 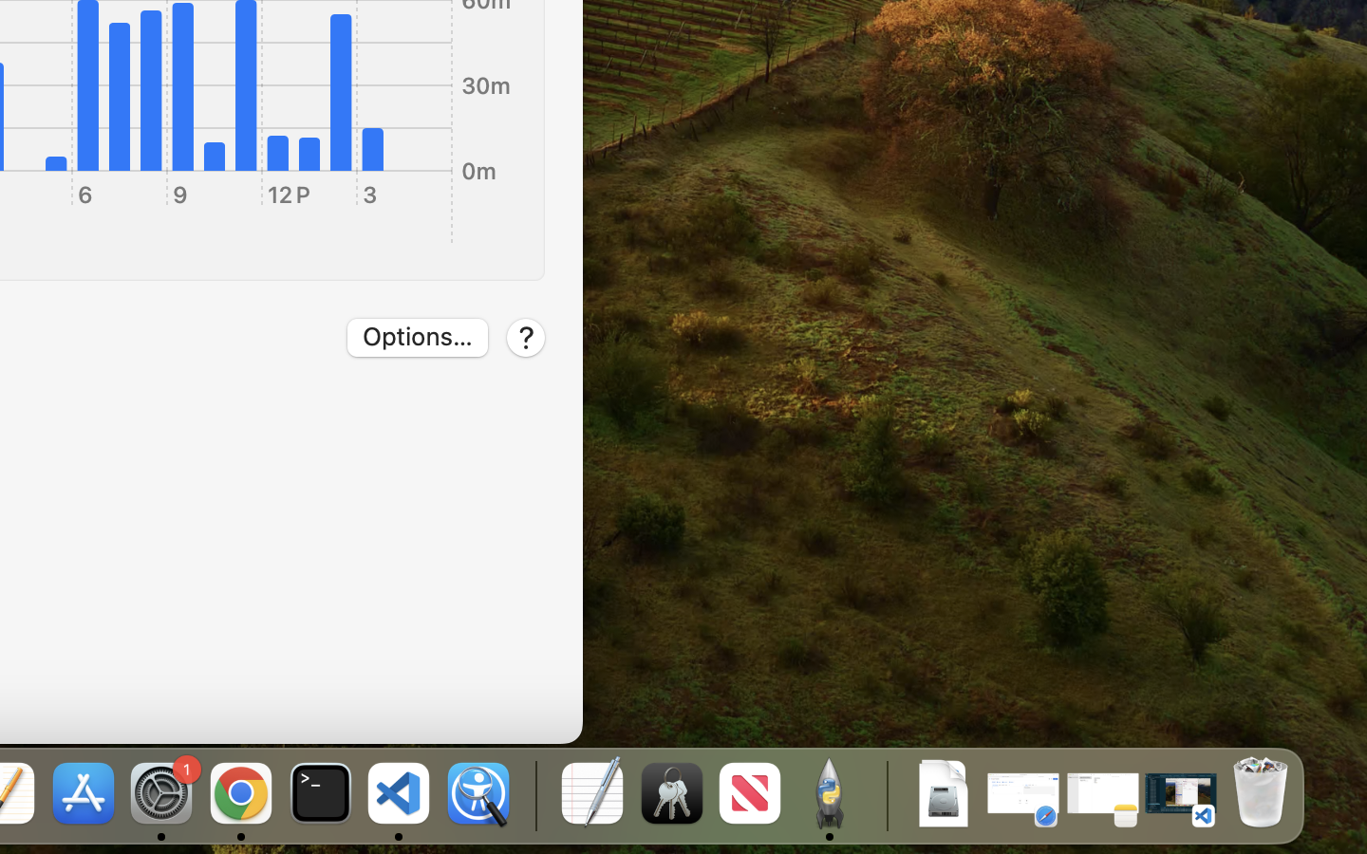 What do you see at coordinates (534, 794) in the screenshot?
I see `'0.4285714328289032'` at bounding box center [534, 794].